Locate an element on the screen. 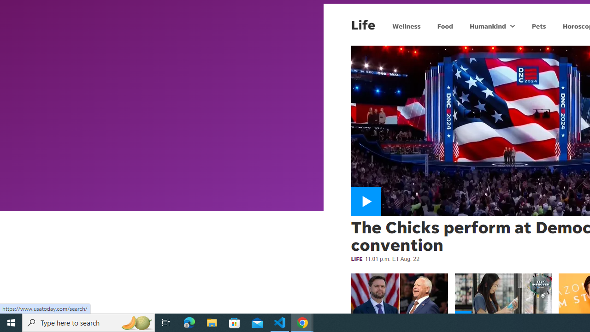 The width and height of the screenshot is (590, 332). 'Food' is located at coordinates (445, 25).